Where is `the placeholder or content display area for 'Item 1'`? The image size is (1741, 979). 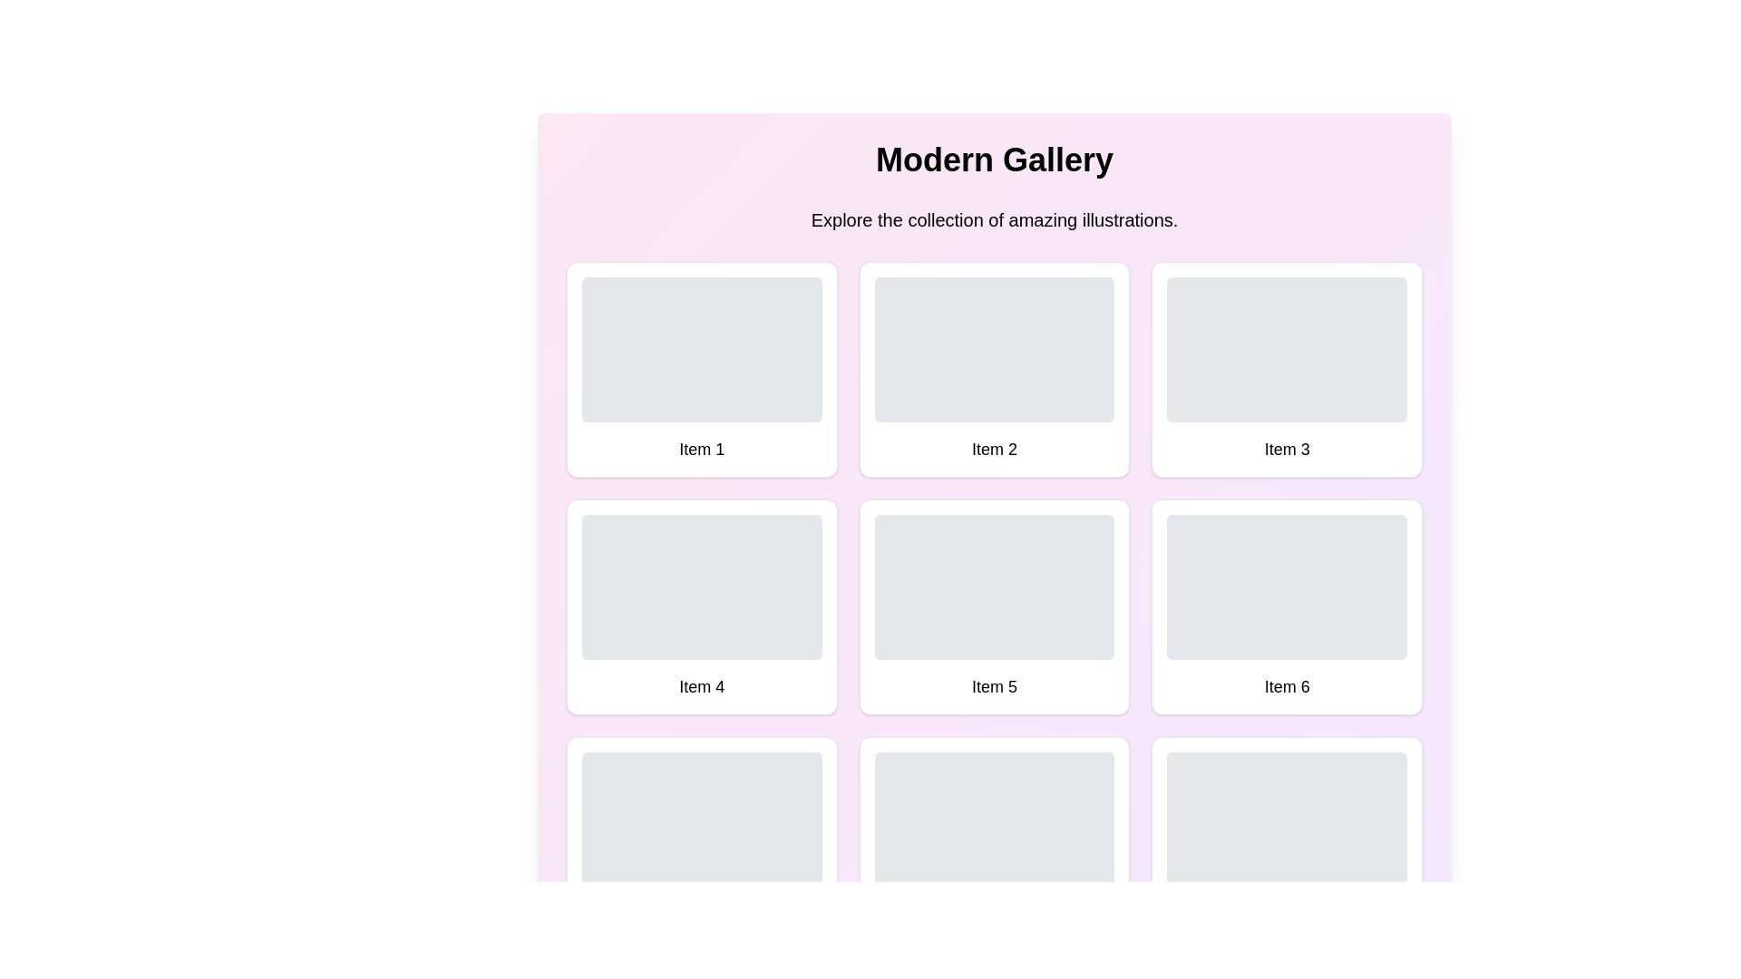
the placeholder or content display area for 'Item 1' is located at coordinates (701, 349).